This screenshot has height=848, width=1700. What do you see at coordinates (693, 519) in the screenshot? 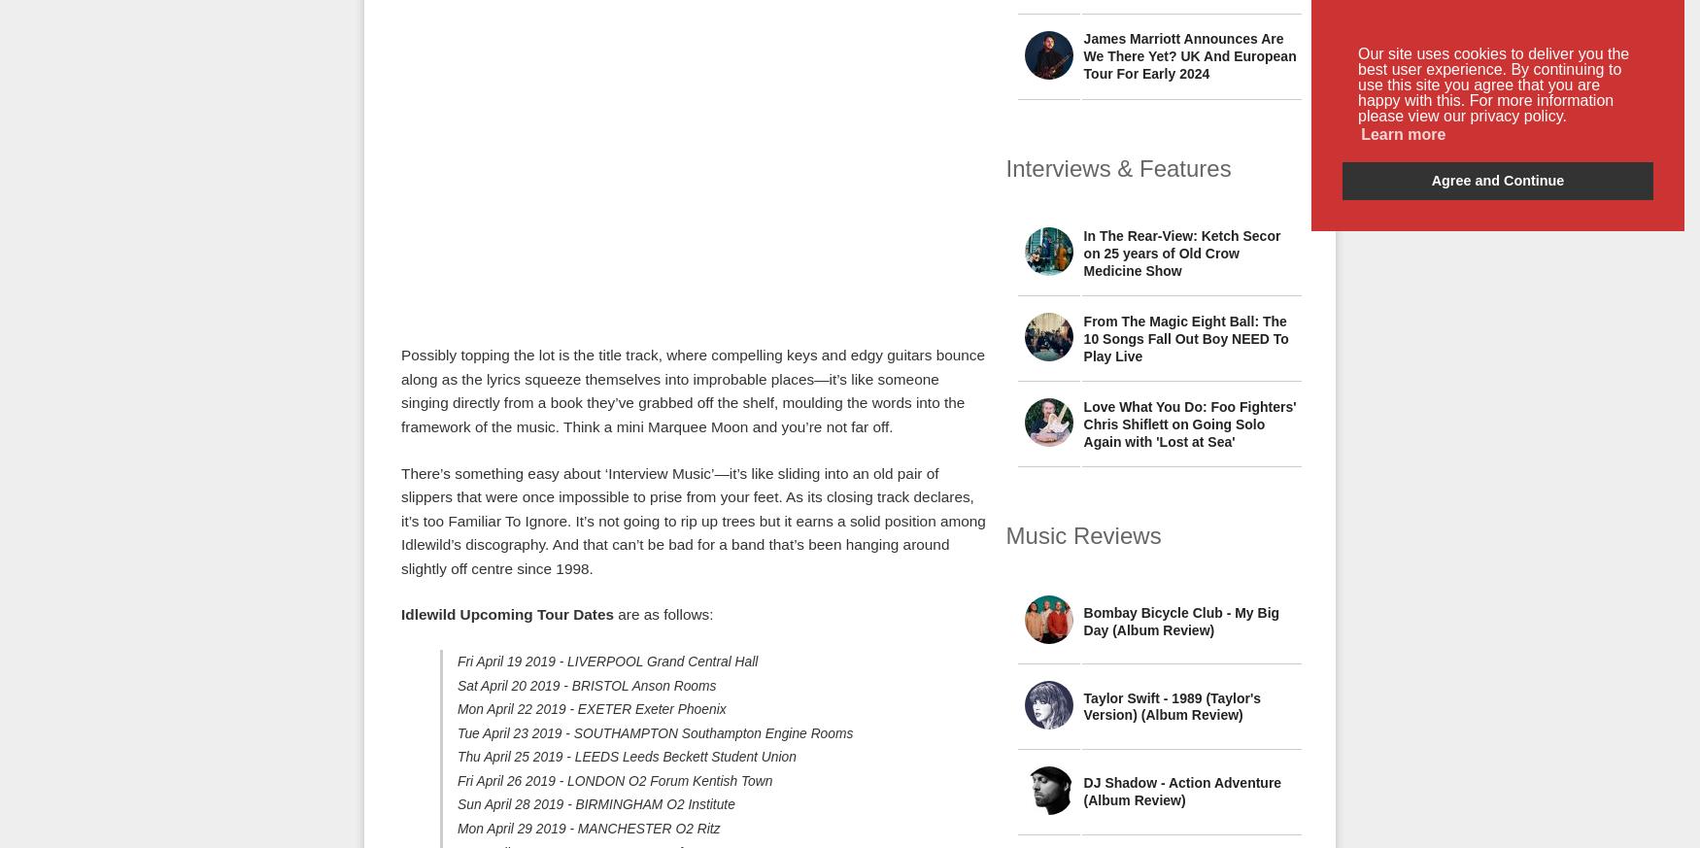
I see `'There’s something easy about ‘Interview Music’—it’s like sliding into an old pair of slippers that were once impossible to prise from your feet. As its closing track declares, it’s too Familiar To Ignore. It’s not going to rip up trees but it earns a solid position among Idlewild’s discography. And that can’t be bad for a band that’s been hanging around slightly off centre since 1998.'` at bounding box center [693, 519].